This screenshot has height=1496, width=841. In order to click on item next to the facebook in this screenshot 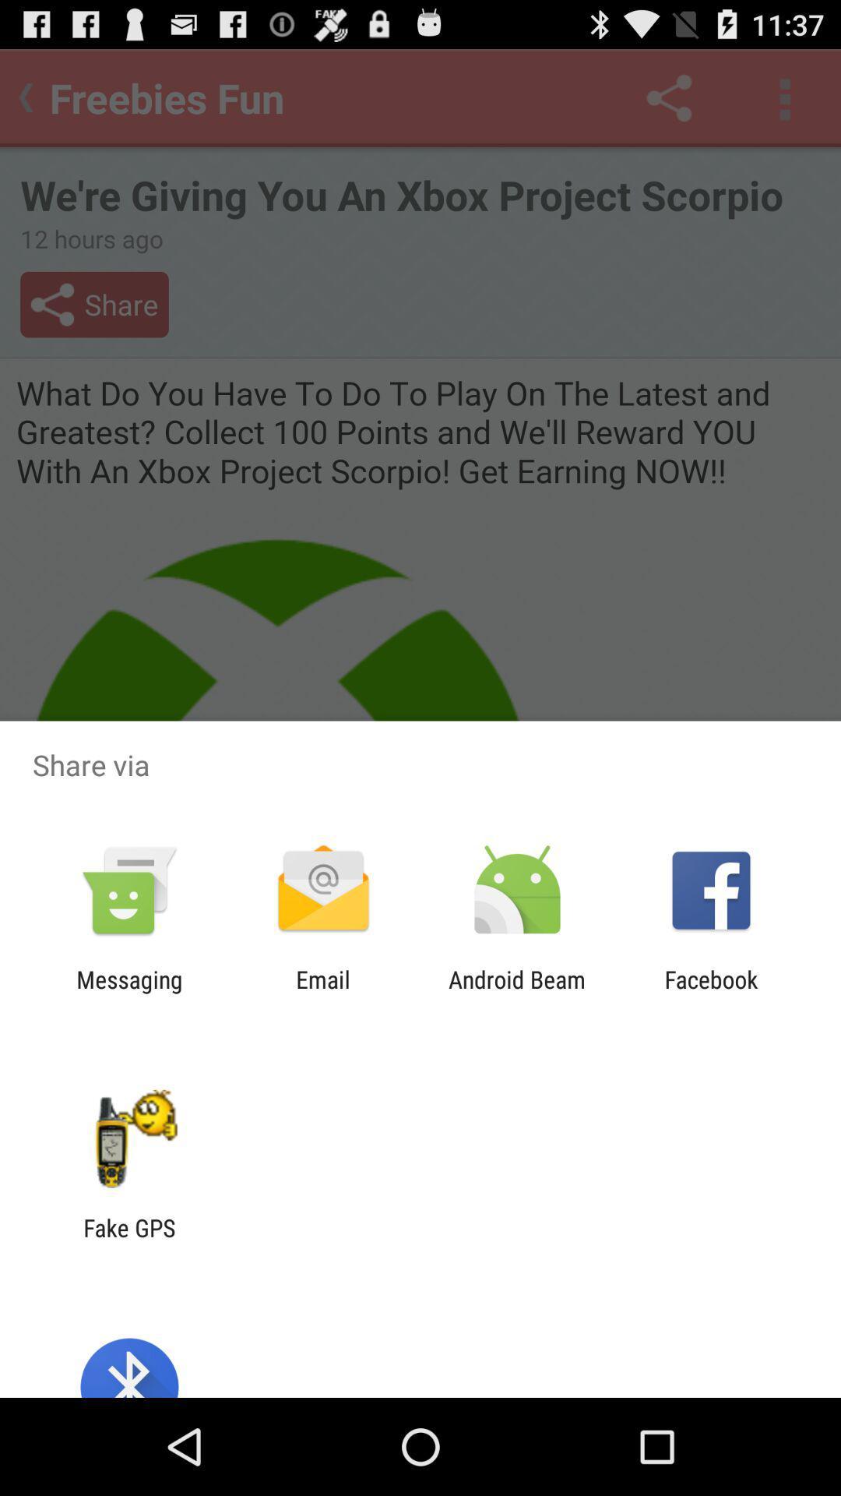, I will do `click(517, 993)`.